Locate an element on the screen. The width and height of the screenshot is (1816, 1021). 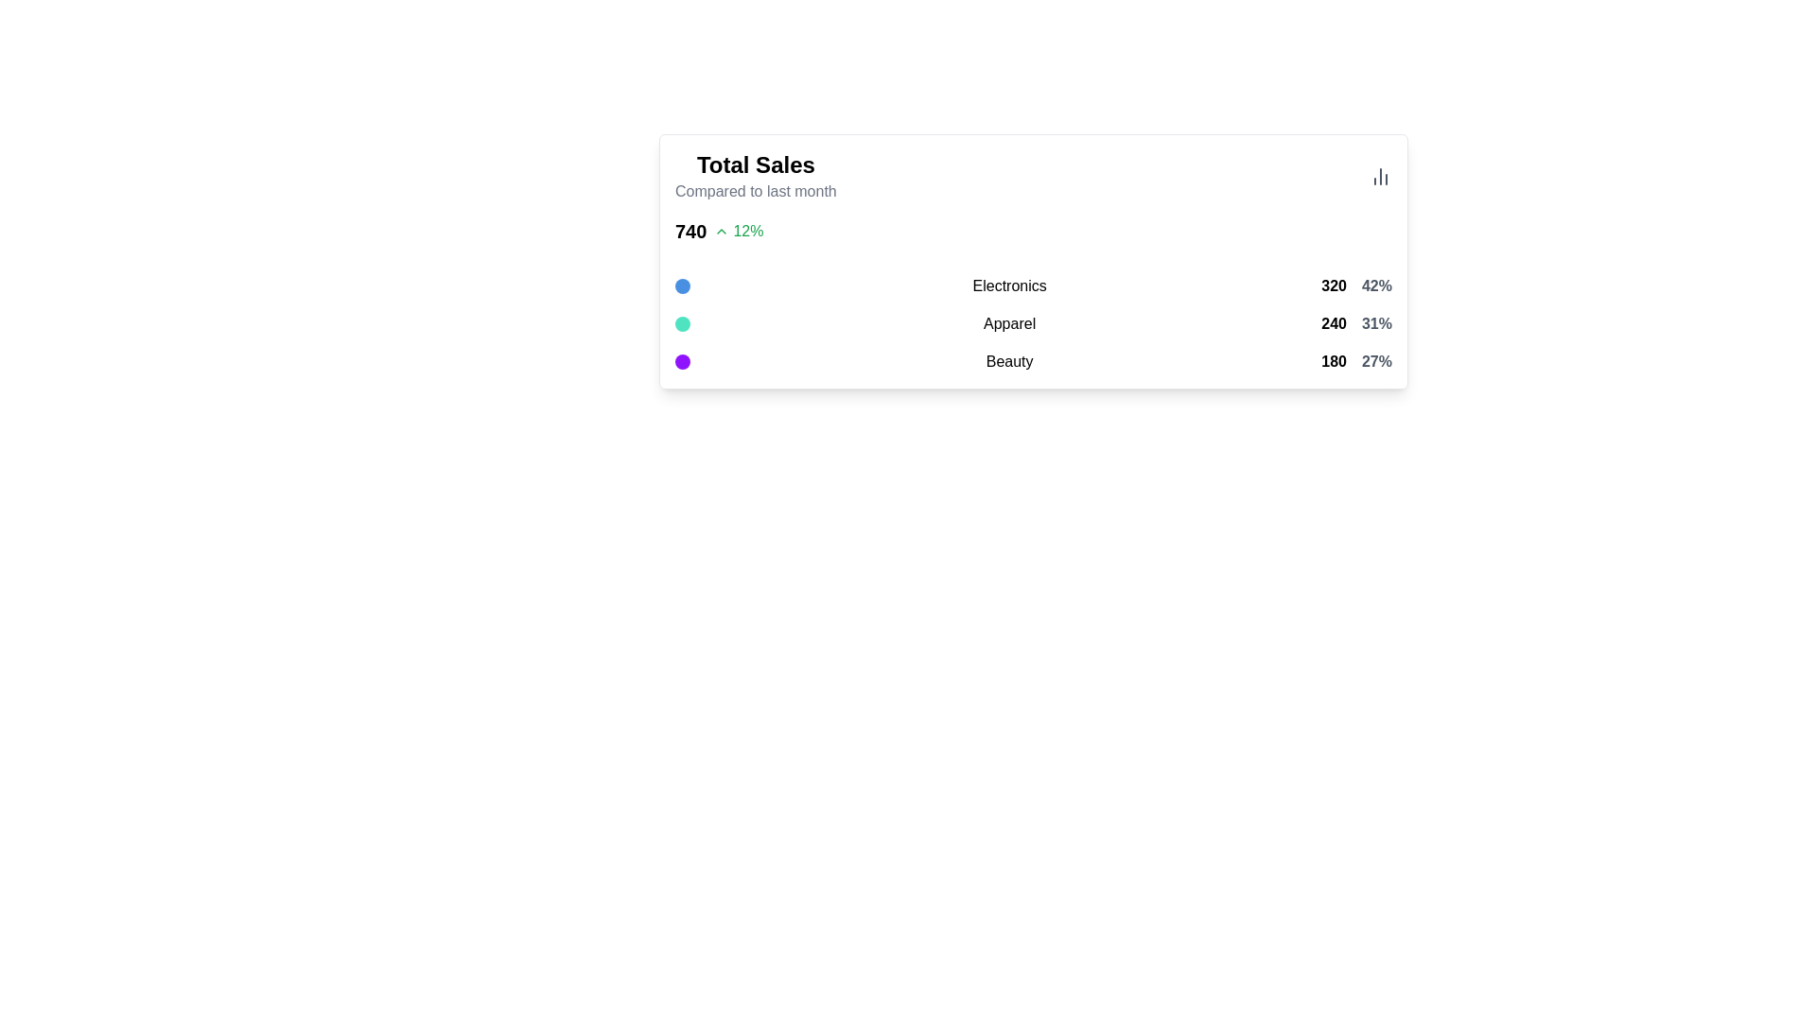
the 'Electronics' text label, which is bold and black, located in the second row of a category list, positioned between a blue circular indicator and numerical data is located at coordinates (1008, 286).